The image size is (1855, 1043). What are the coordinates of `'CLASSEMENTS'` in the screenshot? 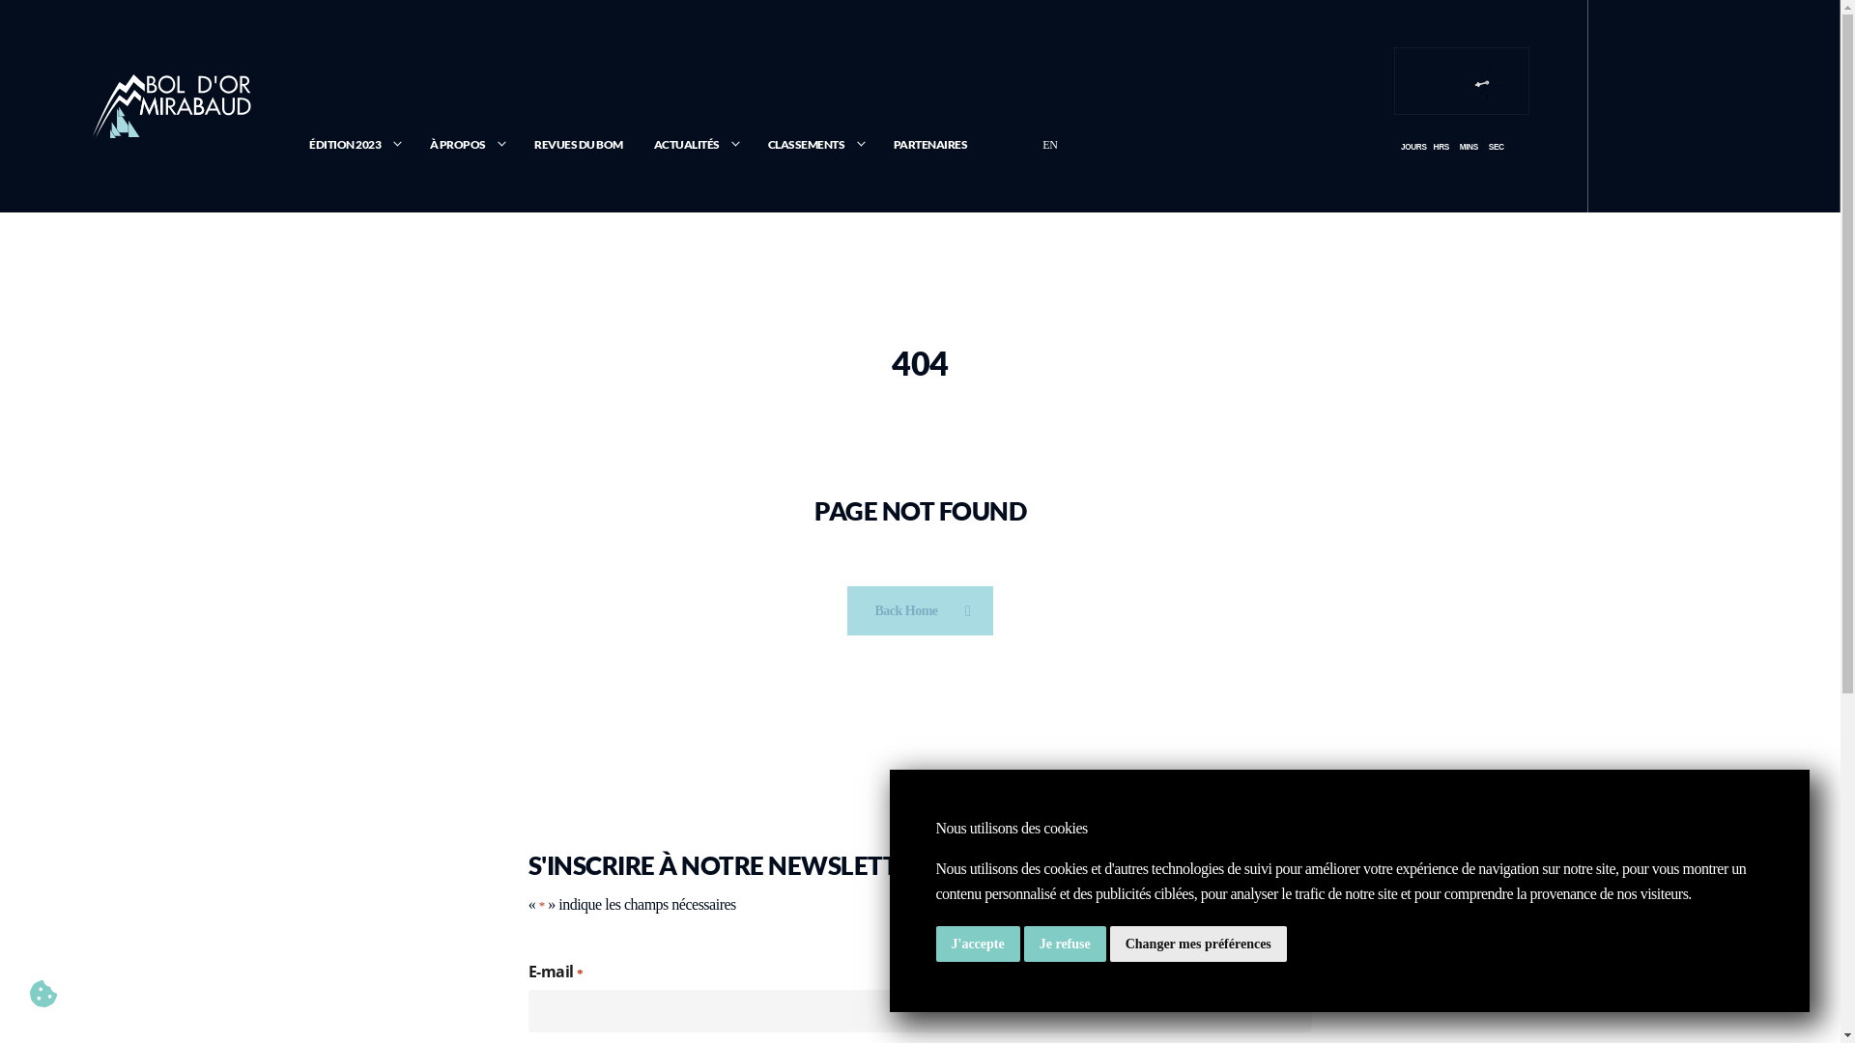 It's located at (767, 144).